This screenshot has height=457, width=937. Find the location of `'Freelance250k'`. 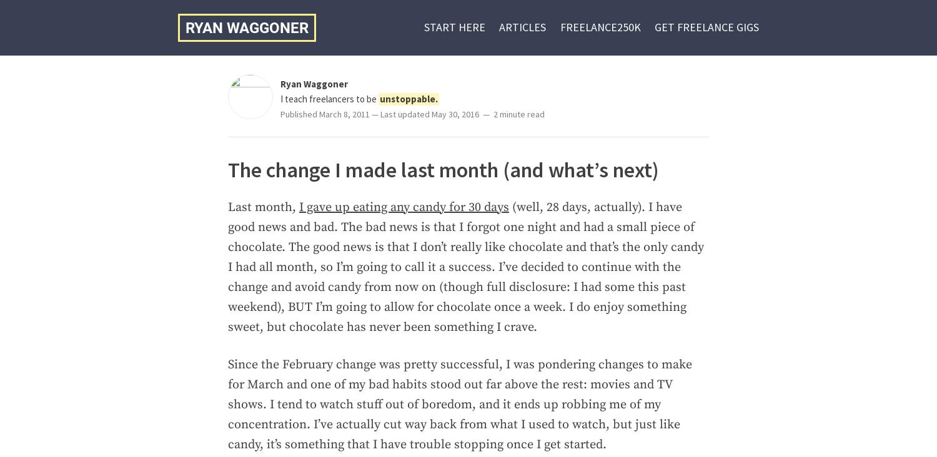

'Freelance250k' is located at coordinates (599, 26).